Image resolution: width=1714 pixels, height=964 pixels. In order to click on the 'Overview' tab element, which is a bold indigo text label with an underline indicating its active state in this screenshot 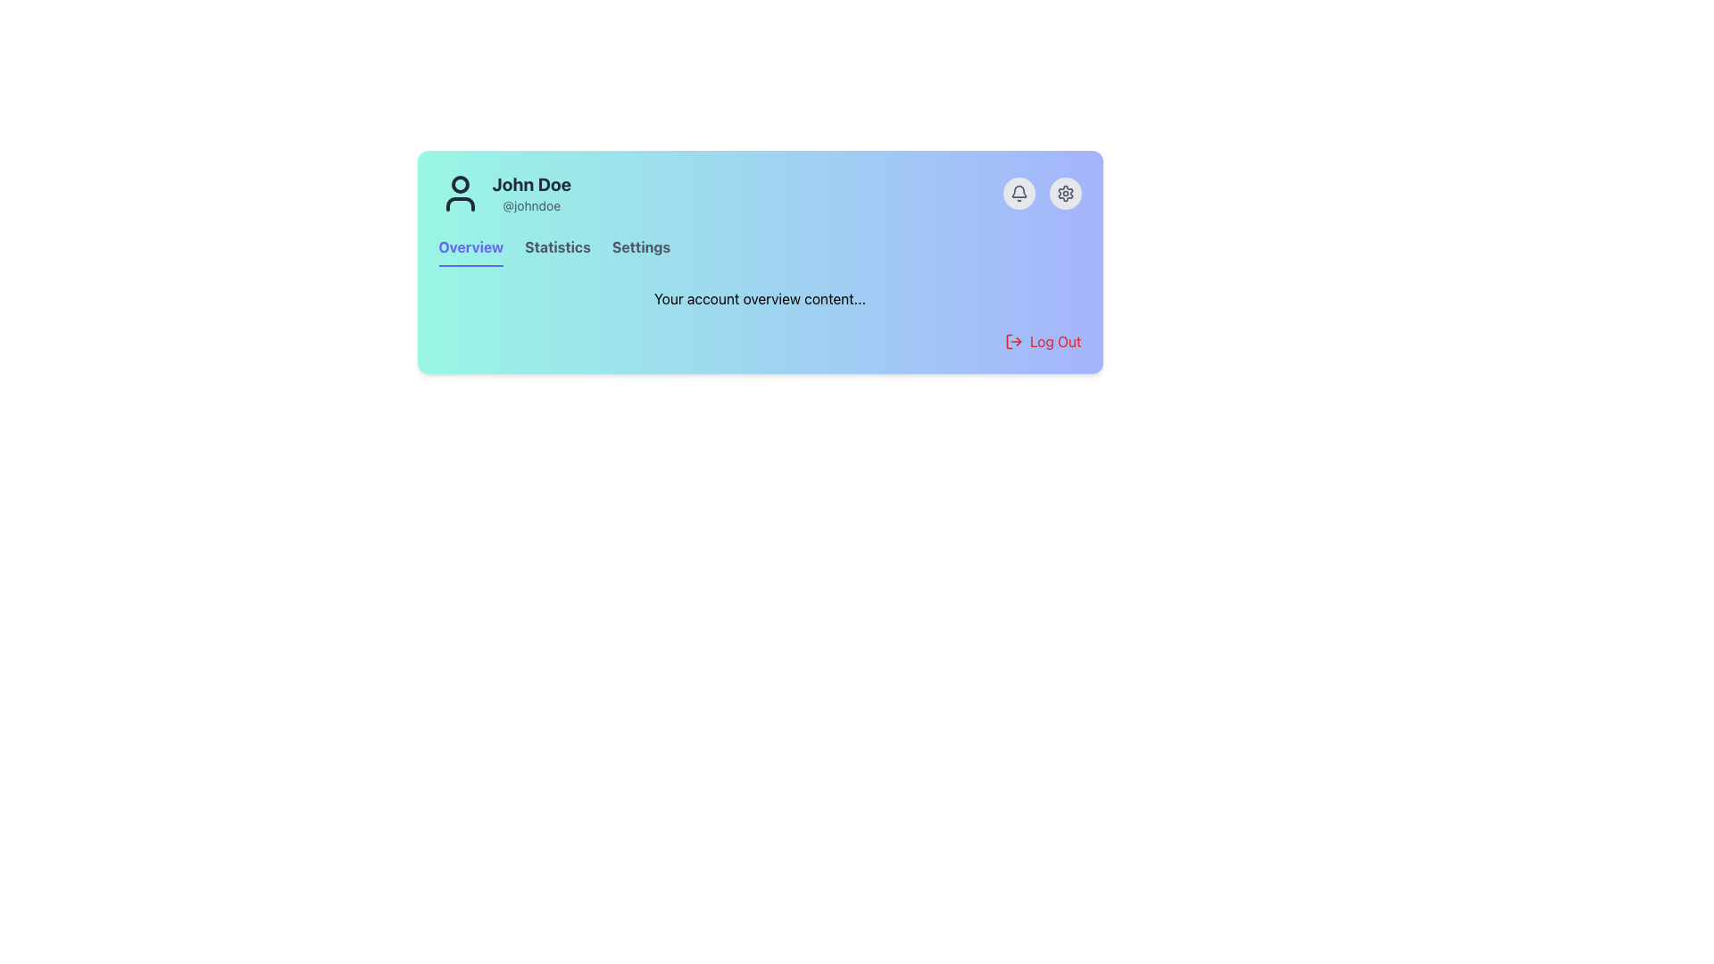, I will do `click(470, 251)`.